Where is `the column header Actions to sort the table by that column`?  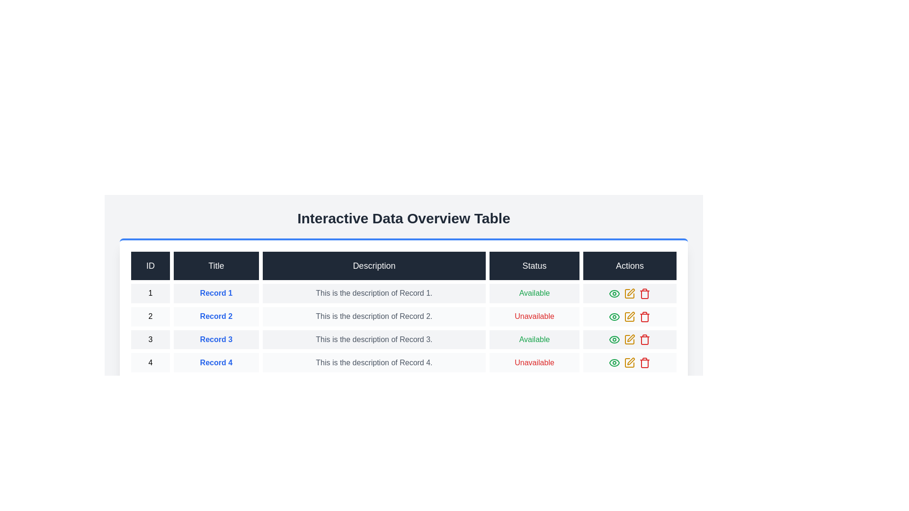
the column header Actions to sort the table by that column is located at coordinates (630, 266).